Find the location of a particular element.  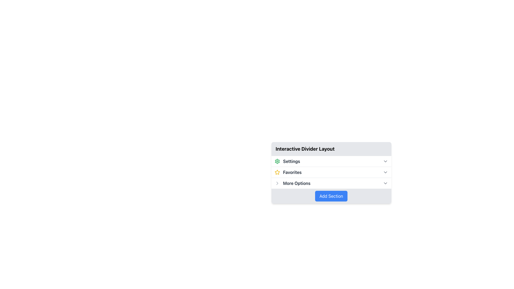

the 'More Options' icon located to the left of the 'More Options' text label is located at coordinates (277, 183).